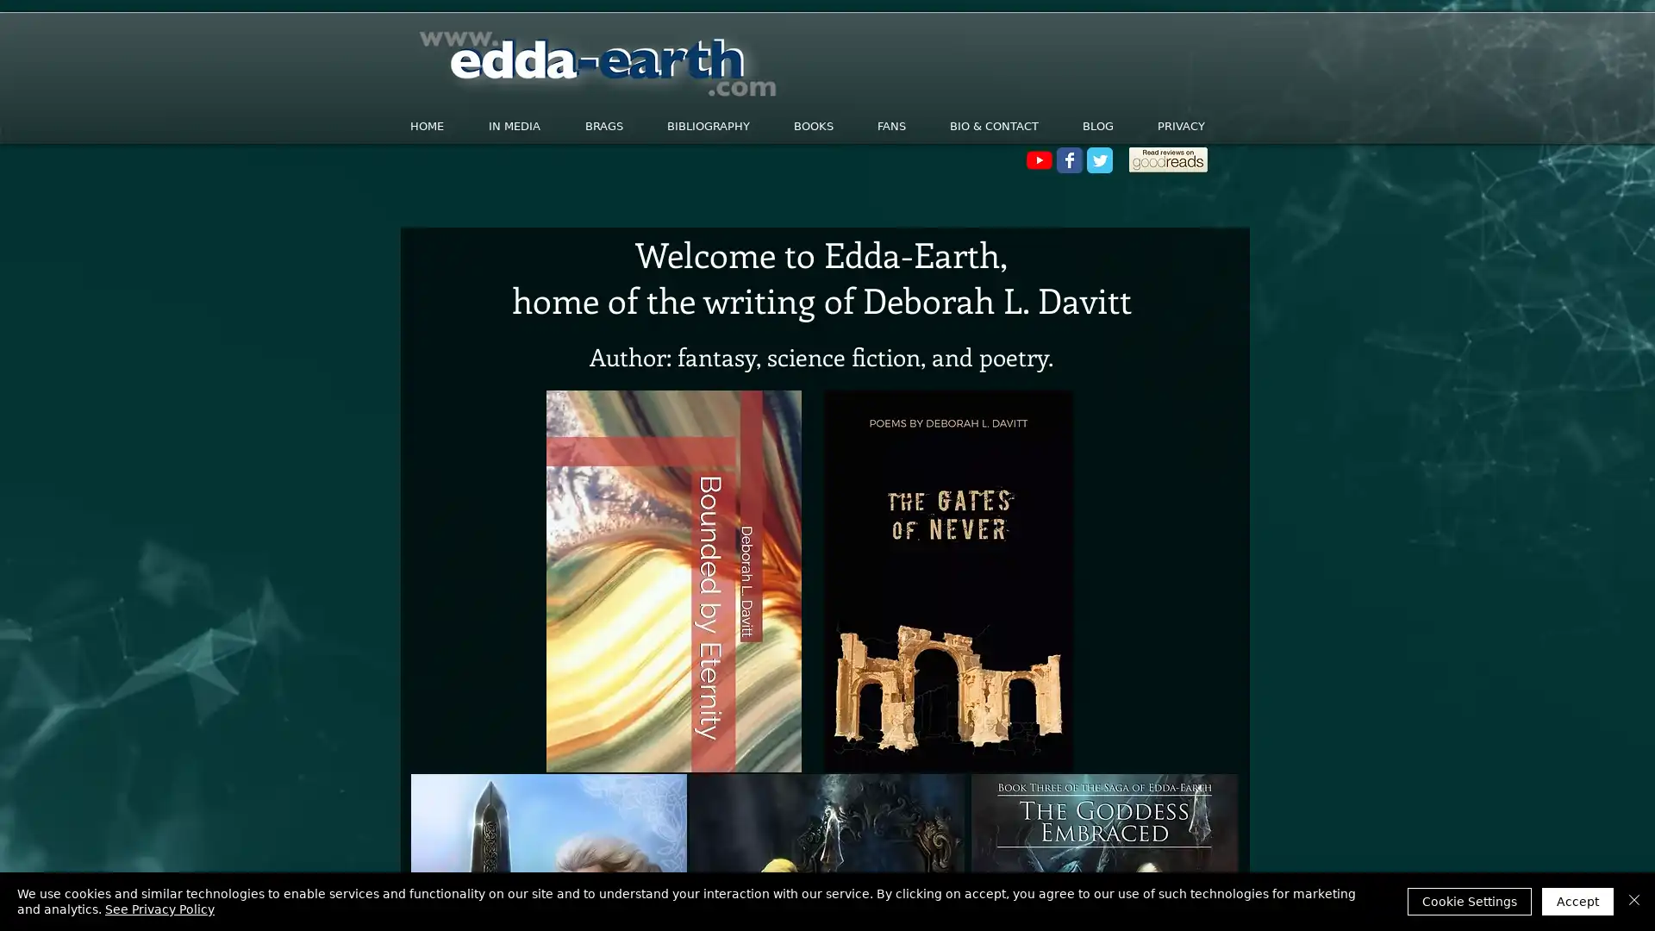 The height and width of the screenshot is (931, 1655). Describe the element at coordinates (1577, 900) in the screenshot. I see `Accept` at that location.